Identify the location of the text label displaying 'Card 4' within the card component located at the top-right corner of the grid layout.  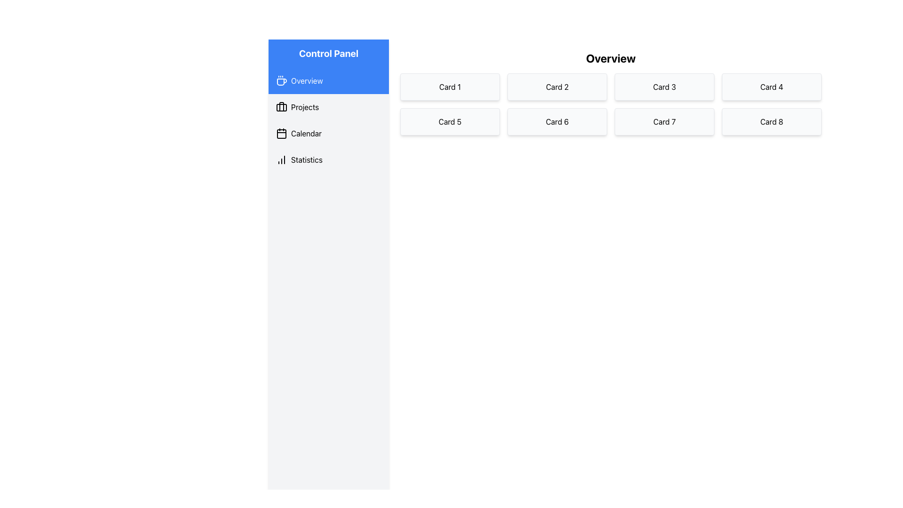
(772, 87).